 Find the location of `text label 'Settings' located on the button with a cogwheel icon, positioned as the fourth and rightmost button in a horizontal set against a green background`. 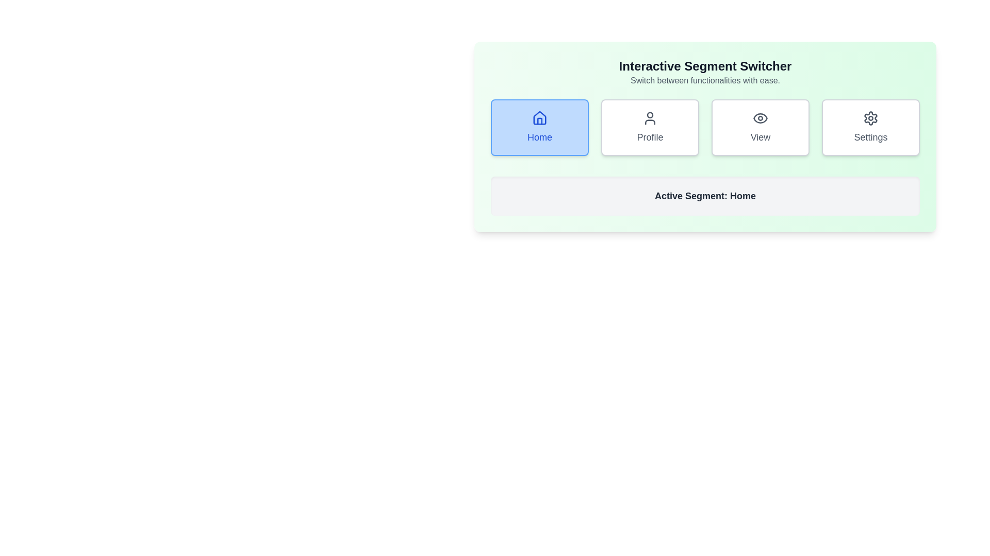

text label 'Settings' located on the button with a cogwheel icon, positioned as the fourth and rightmost button in a horizontal set against a green background is located at coordinates (870, 136).